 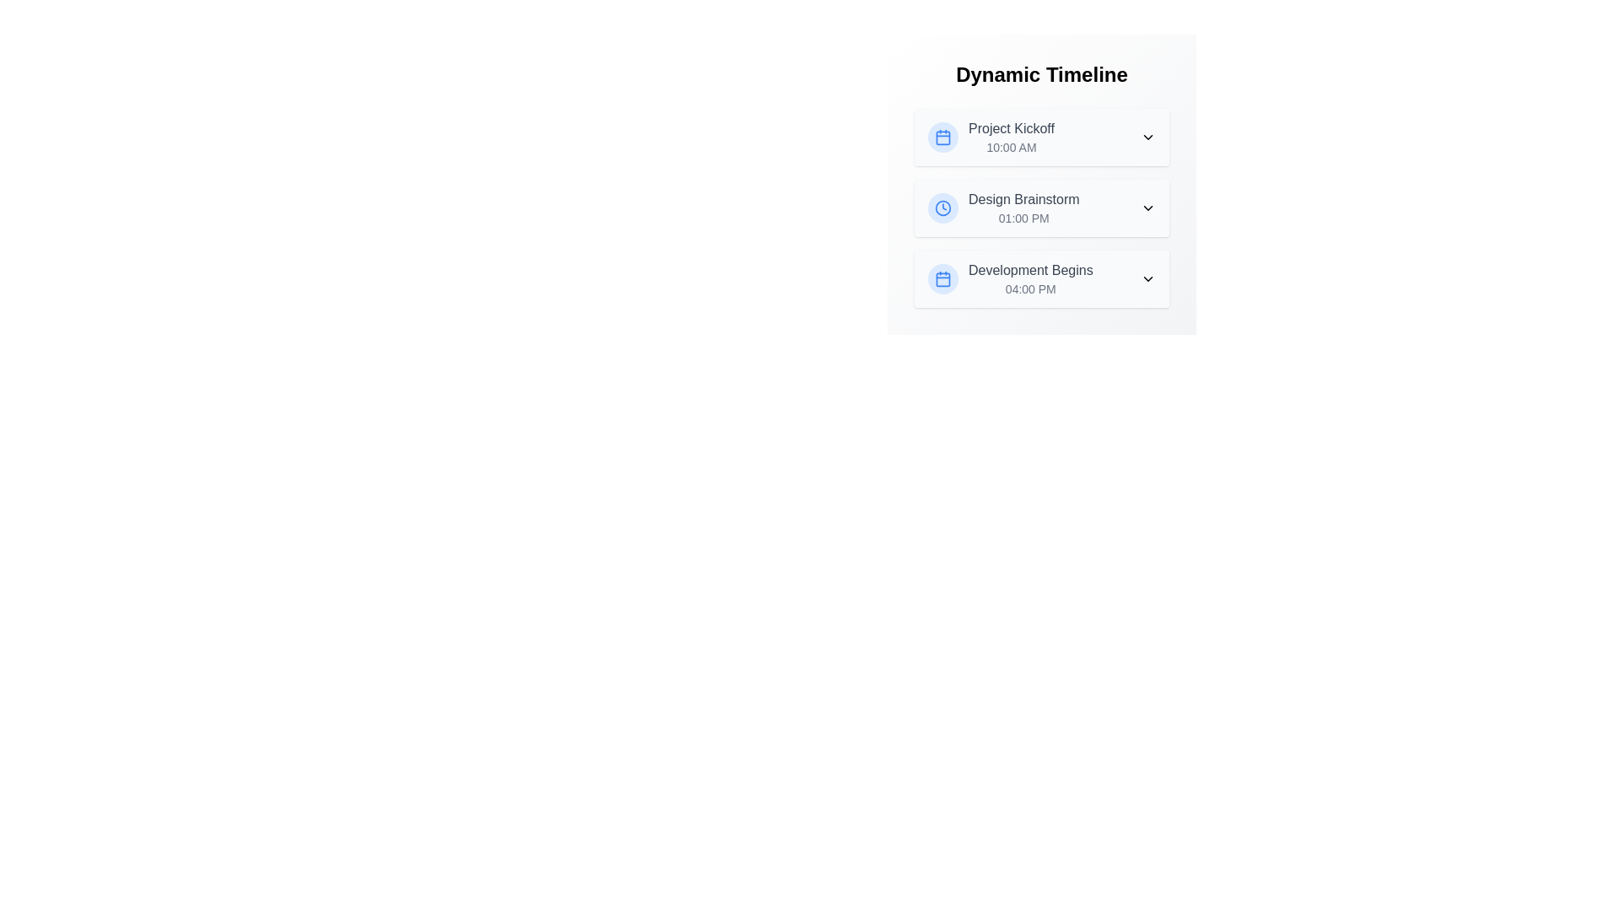 I want to click on displayed information from the text label titled 'Project Kickoff' with the time '10:00 AM' located under the 'Dynamic Timeline' heading, next to the circular blue calendar icon, so click(x=1012, y=136).